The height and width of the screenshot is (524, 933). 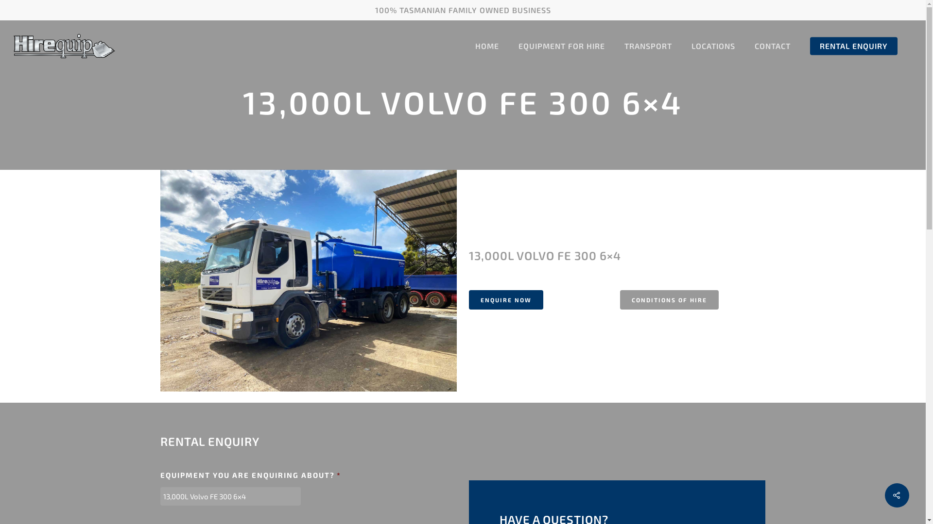 I want to click on 'EQUIPMENT FOR HIRE', so click(x=562, y=46).